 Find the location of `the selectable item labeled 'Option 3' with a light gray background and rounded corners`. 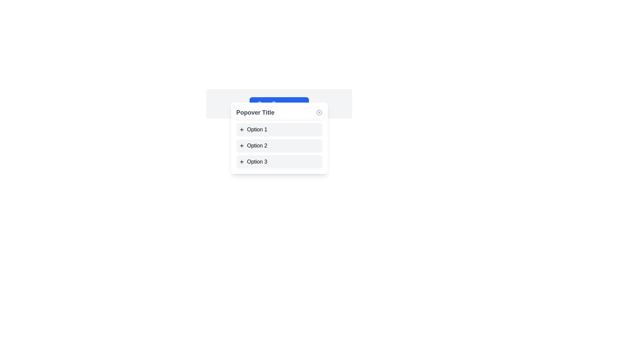

the selectable item labeled 'Option 3' with a light gray background and rounded corners is located at coordinates (279, 162).